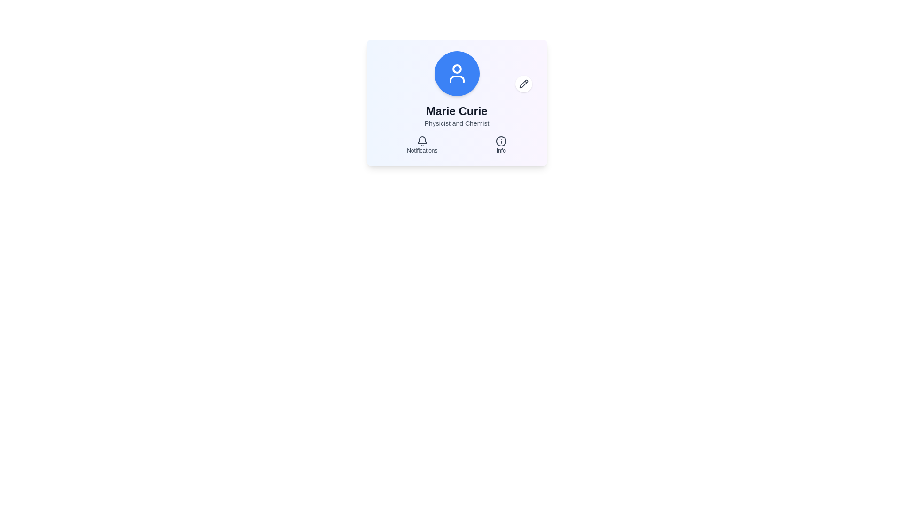 This screenshot has height=507, width=902. What do you see at coordinates (523, 83) in the screenshot?
I see `the circular edit button with a pencil icon located at the bottom-right corner of the user card component to observe any hover effects` at bounding box center [523, 83].